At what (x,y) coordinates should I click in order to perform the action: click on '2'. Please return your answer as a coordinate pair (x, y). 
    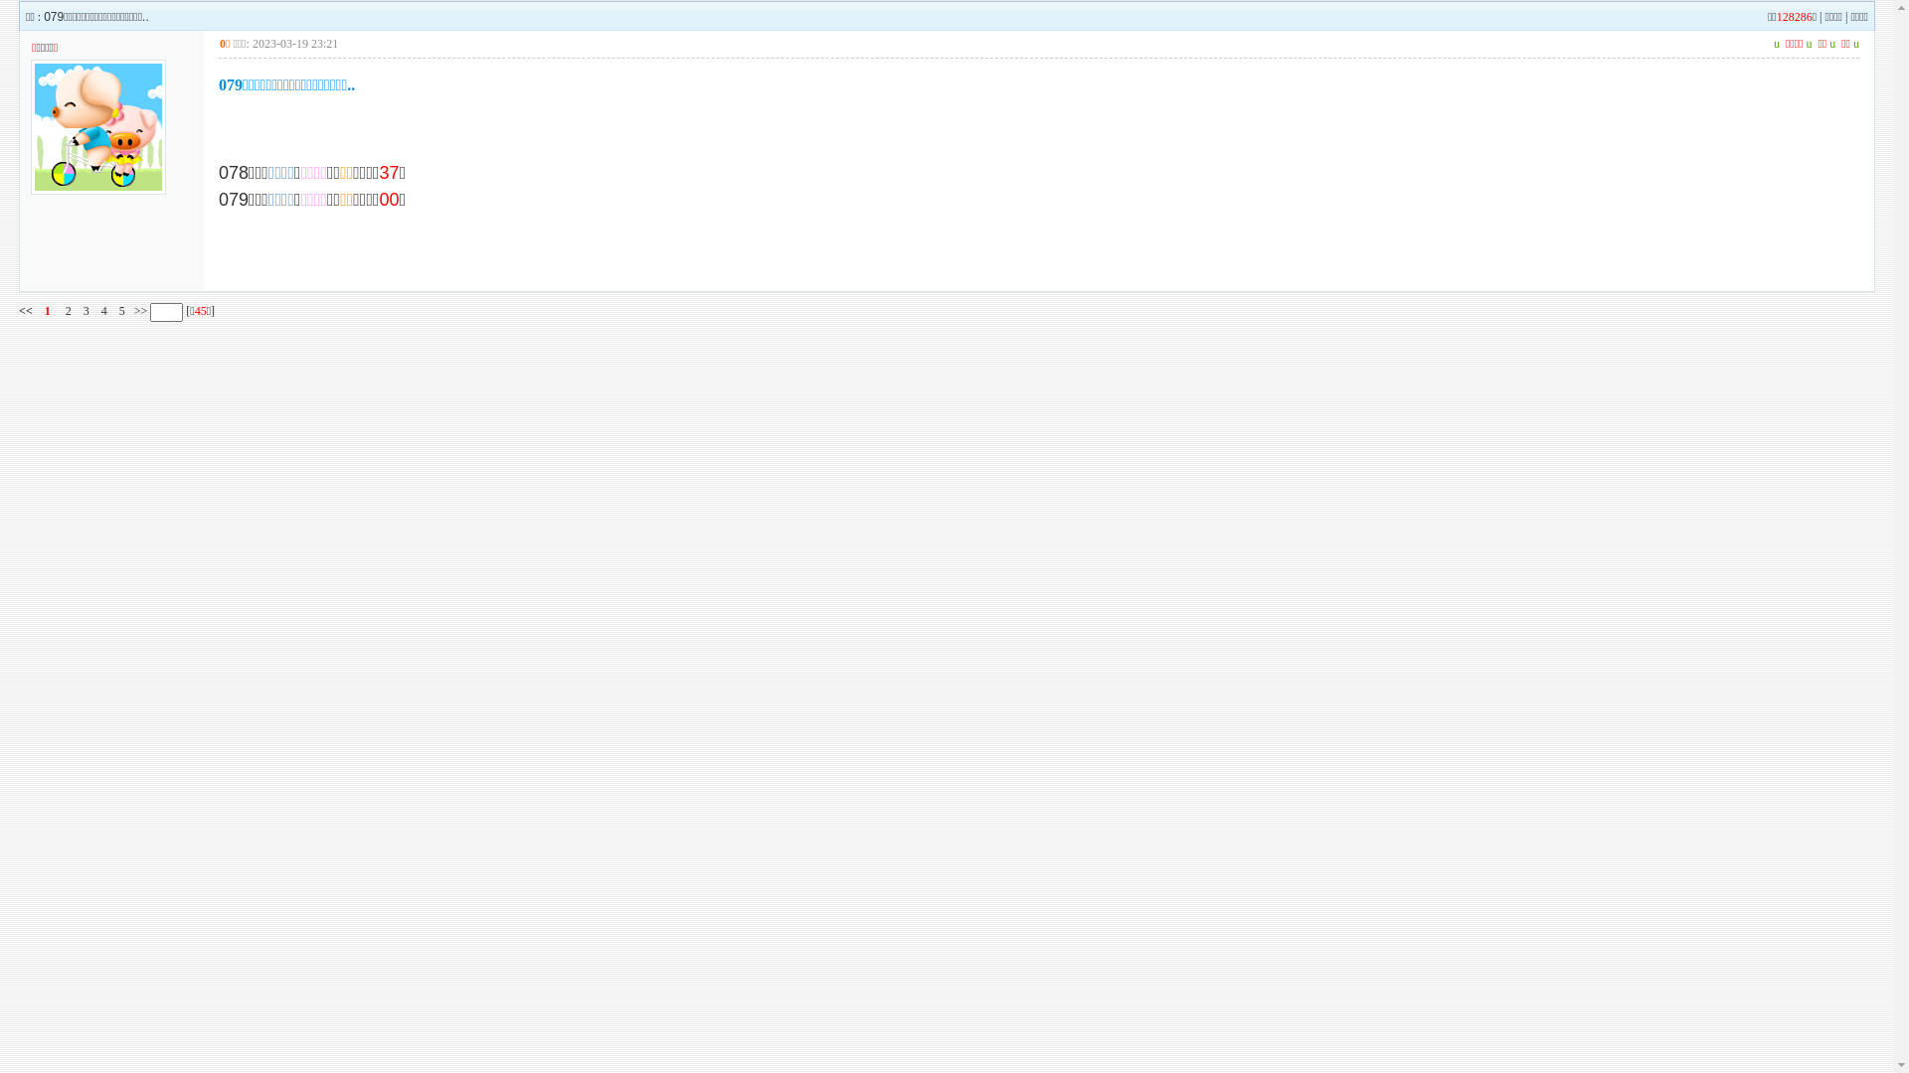
    Looking at the image, I should click on (68, 310).